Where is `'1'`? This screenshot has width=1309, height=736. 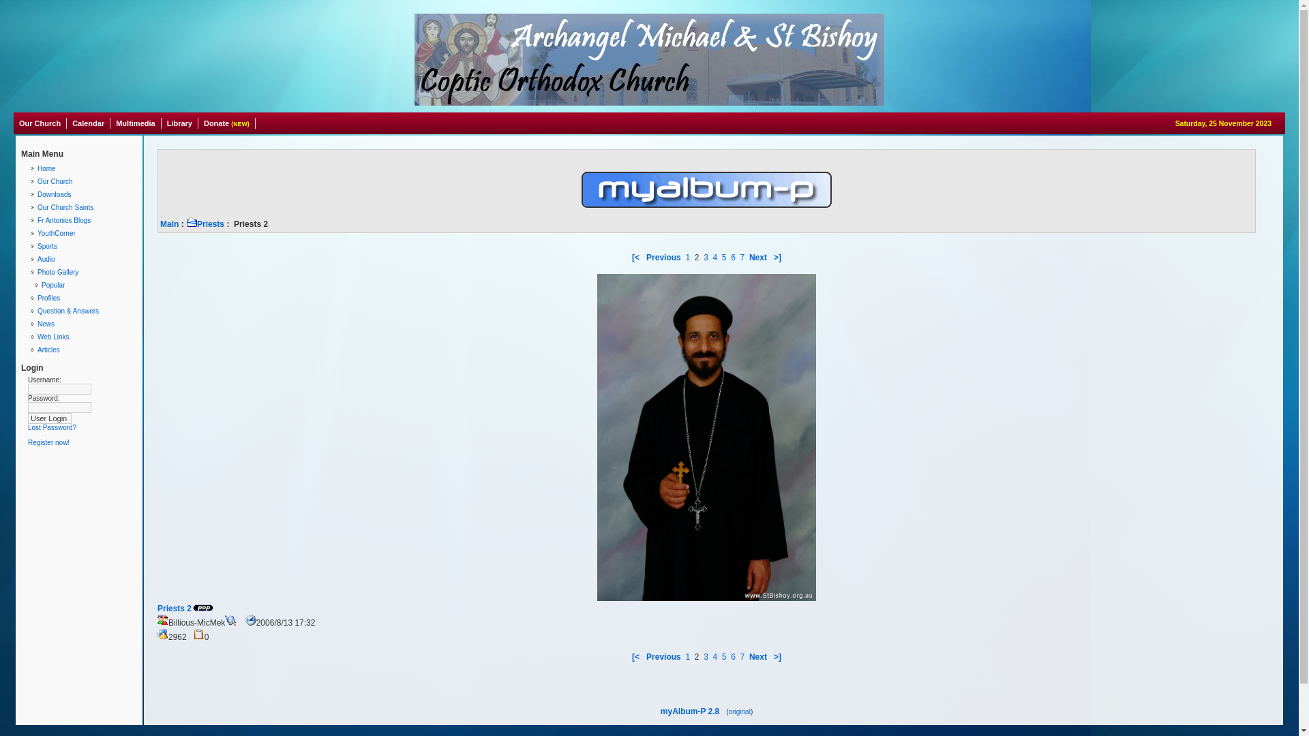 '1' is located at coordinates (687, 656).